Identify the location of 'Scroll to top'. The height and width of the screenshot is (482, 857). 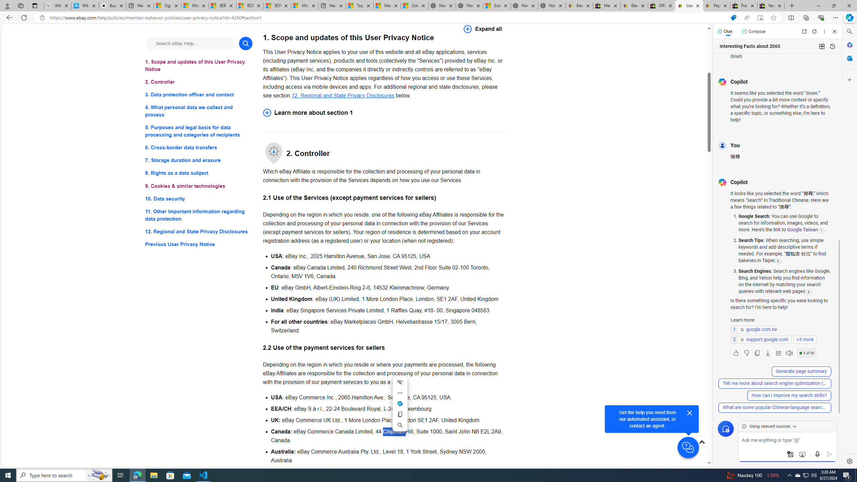
(701, 441).